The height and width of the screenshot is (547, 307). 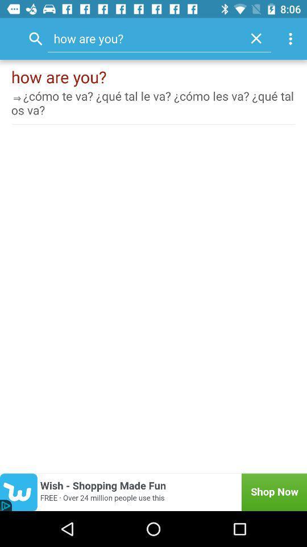 What do you see at coordinates (153, 492) in the screenshot?
I see `open your wish app` at bounding box center [153, 492].